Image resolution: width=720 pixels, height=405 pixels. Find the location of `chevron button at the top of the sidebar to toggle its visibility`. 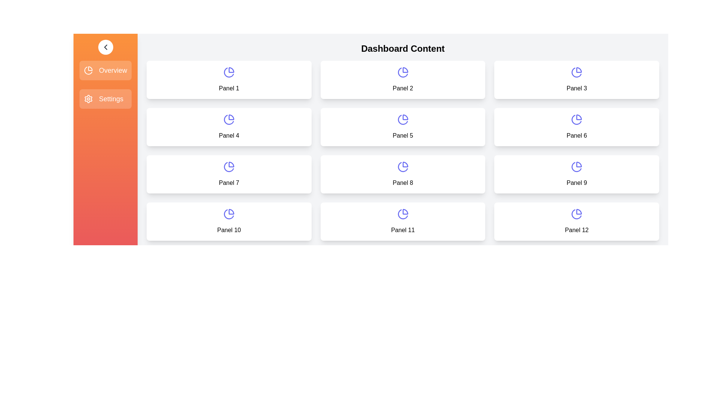

chevron button at the top of the sidebar to toggle its visibility is located at coordinates (105, 47).